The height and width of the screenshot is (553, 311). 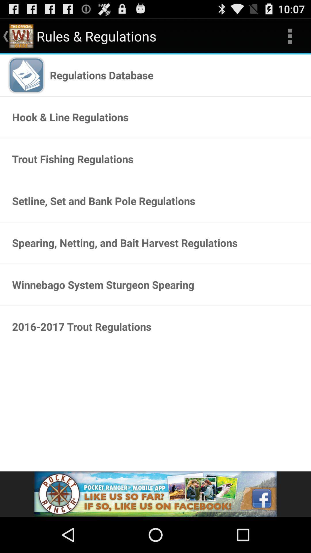 What do you see at coordinates (155, 494) in the screenshot?
I see `advertisement pop up display` at bounding box center [155, 494].